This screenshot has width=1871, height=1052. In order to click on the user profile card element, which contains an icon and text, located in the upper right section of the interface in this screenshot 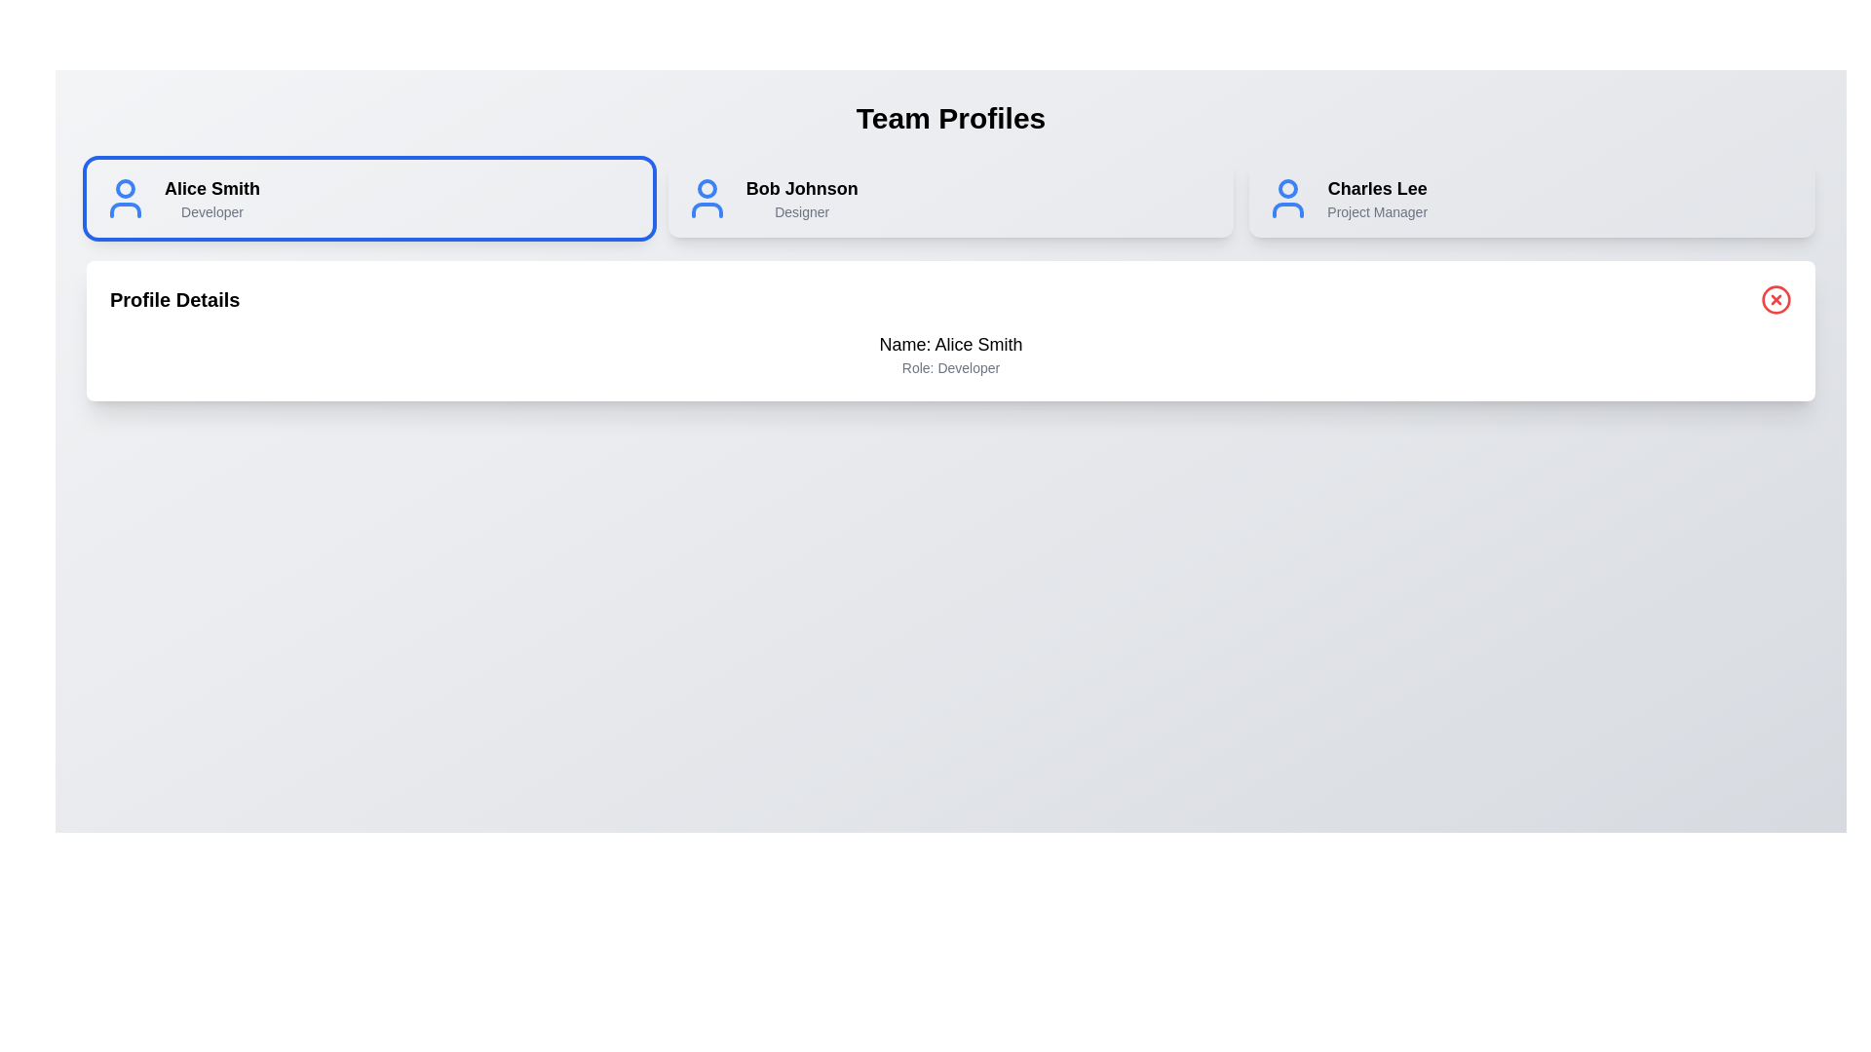, I will do `click(1531, 199)`.